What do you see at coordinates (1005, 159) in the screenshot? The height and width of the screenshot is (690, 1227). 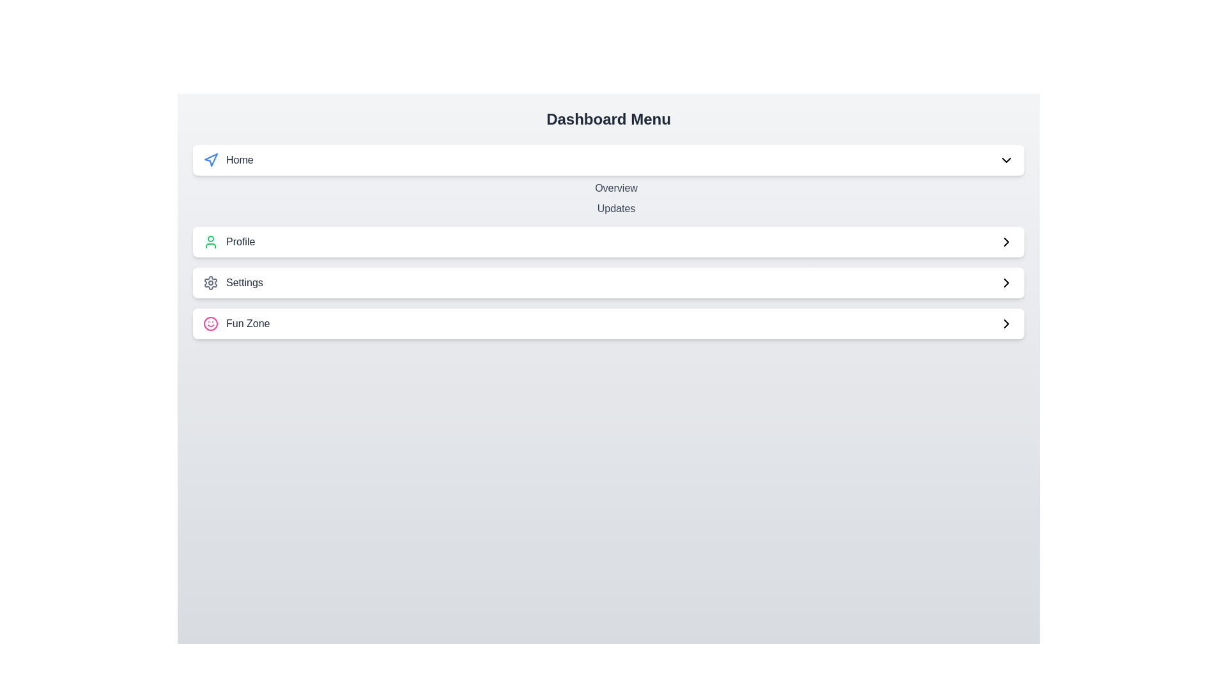 I see `the icon indicating additional options related to the 'Home' menu item, located at the far right of the 'Home' horizontal bar` at bounding box center [1005, 159].